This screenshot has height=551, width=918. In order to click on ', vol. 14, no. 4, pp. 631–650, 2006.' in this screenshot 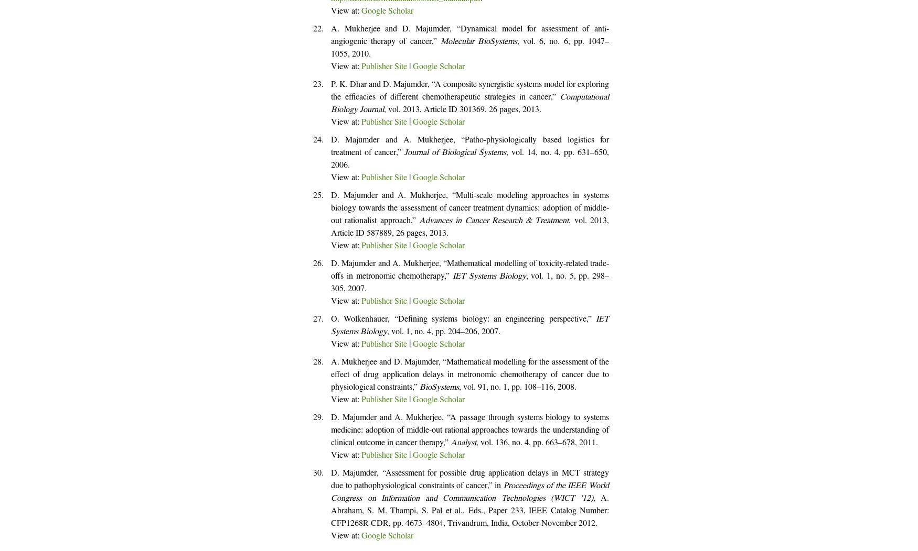, I will do `click(469, 159)`.